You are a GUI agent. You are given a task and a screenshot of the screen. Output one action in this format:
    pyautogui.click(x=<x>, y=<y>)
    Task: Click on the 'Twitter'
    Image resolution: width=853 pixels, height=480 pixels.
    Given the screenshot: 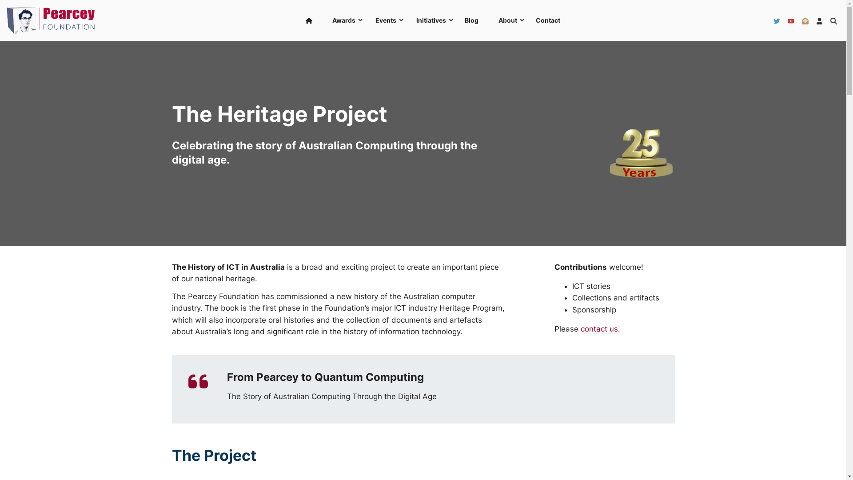 What is the action you would take?
    pyautogui.click(x=776, y=20)
    